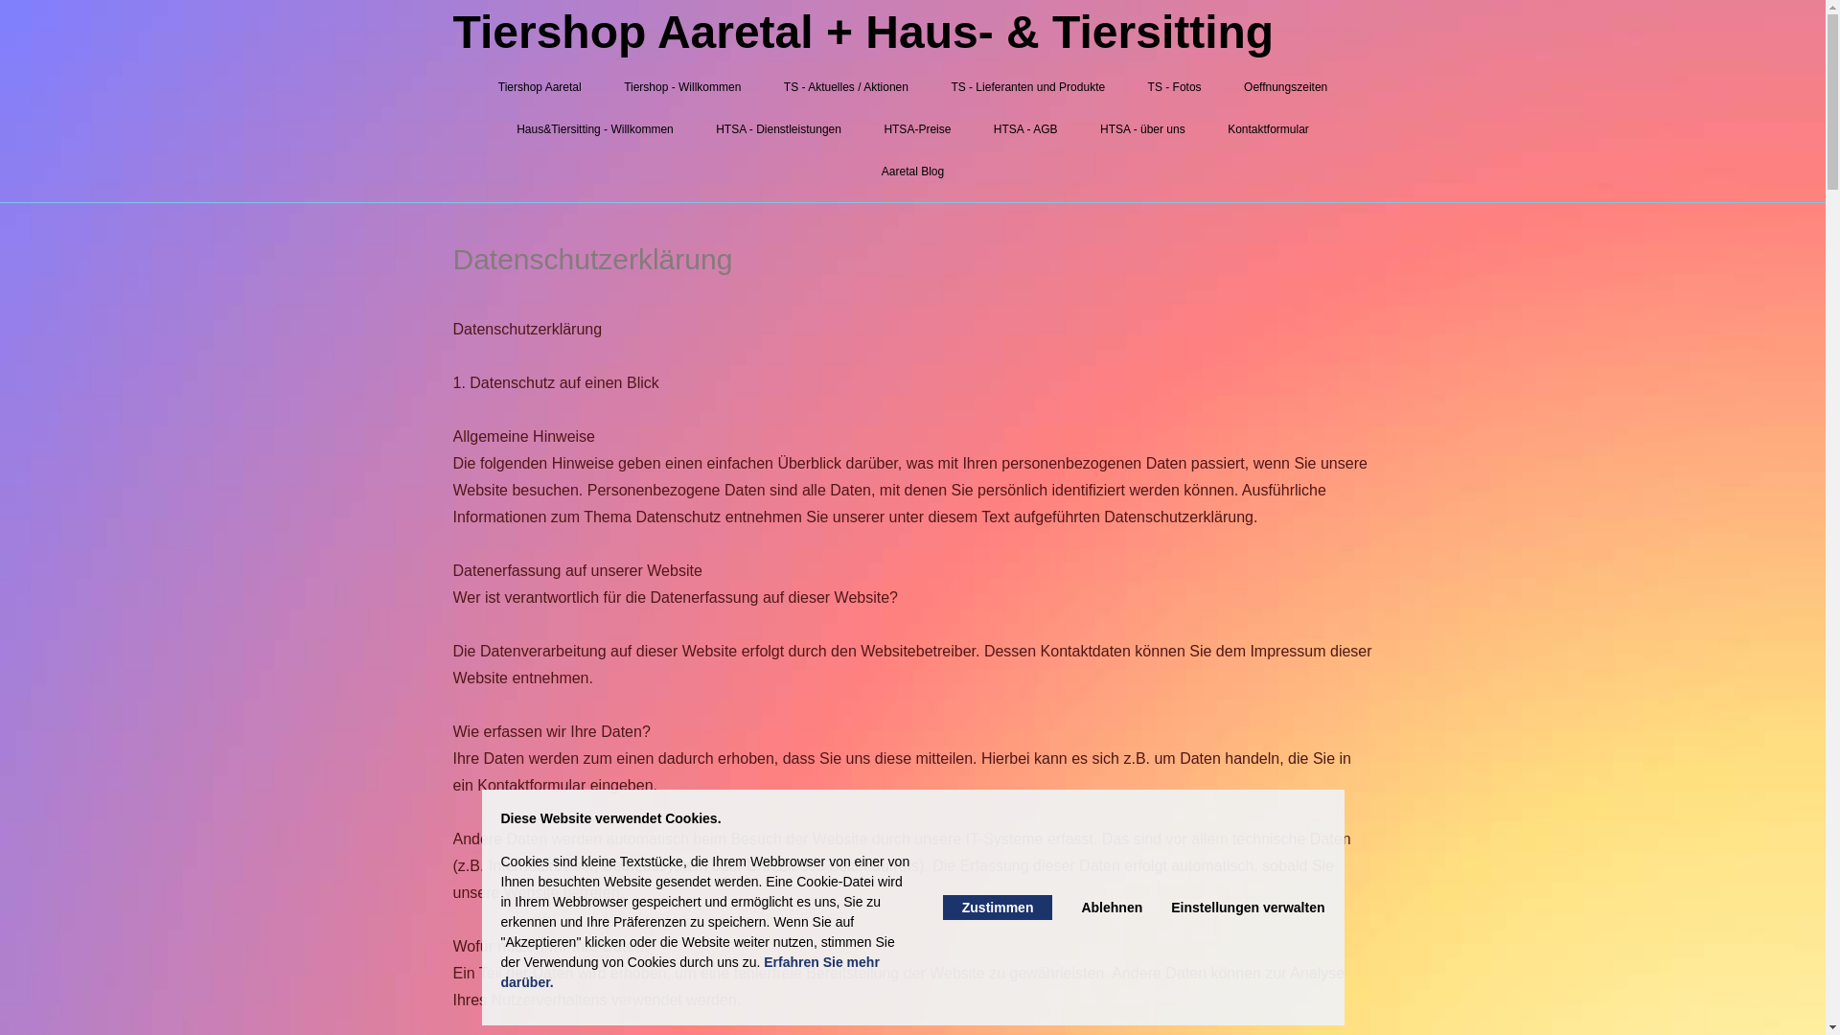 Image resolution: width=1840 pixels, height=1035 pixels. What do you see at coordinates (1173, 87) in the screenshot?
I see `'TS - Fotos'` at bounding box center [1173, 87].